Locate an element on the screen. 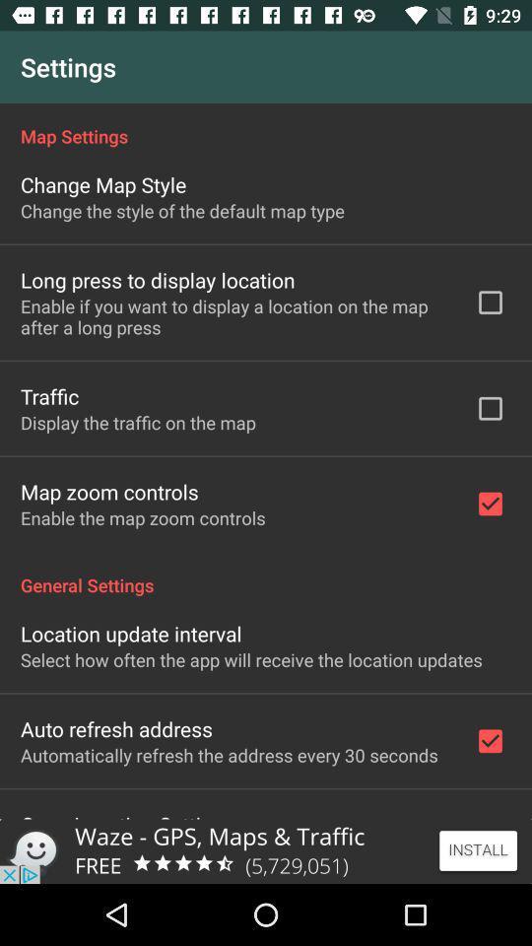 The image size is (532, 946). install this app is located at coordinates (266, 850).